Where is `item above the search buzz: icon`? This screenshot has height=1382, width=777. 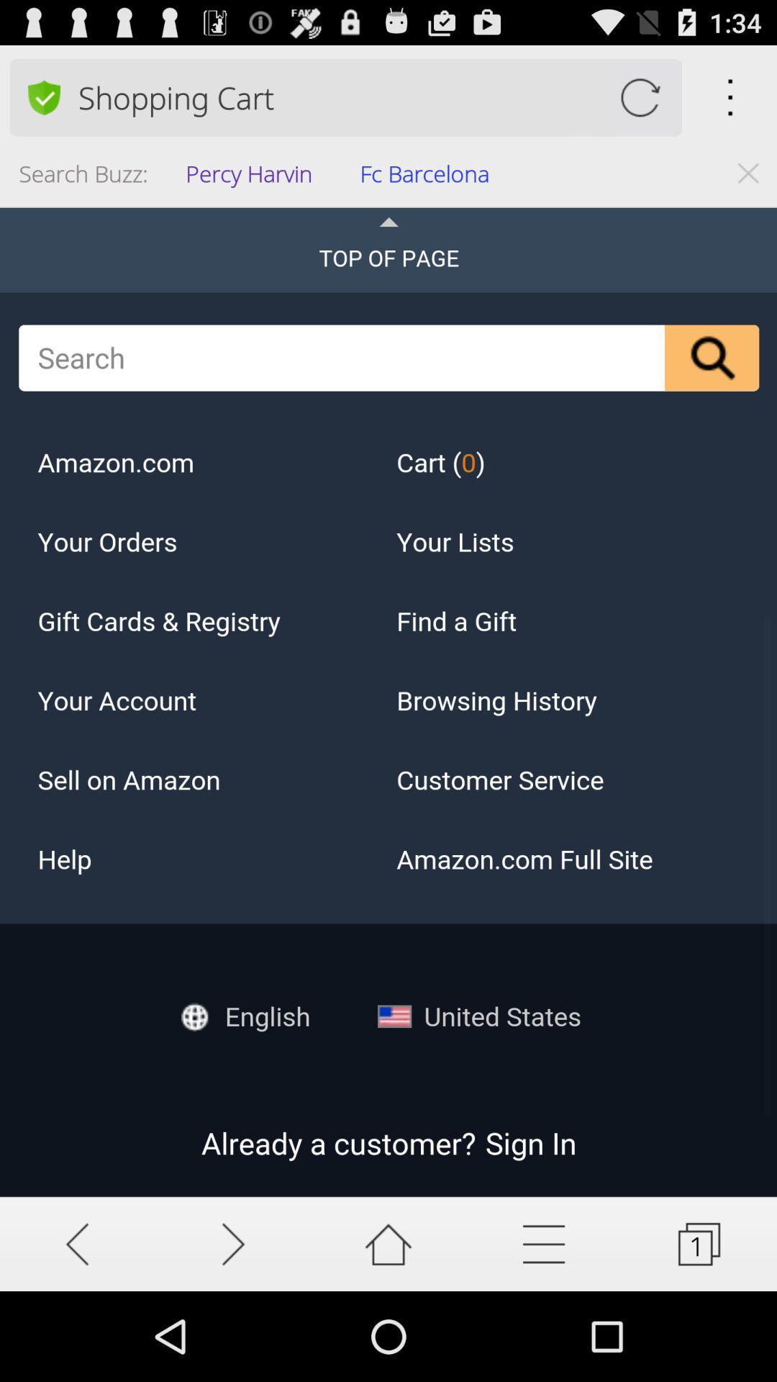
item above the search buzz: icon is located at coordinates (43, 96).